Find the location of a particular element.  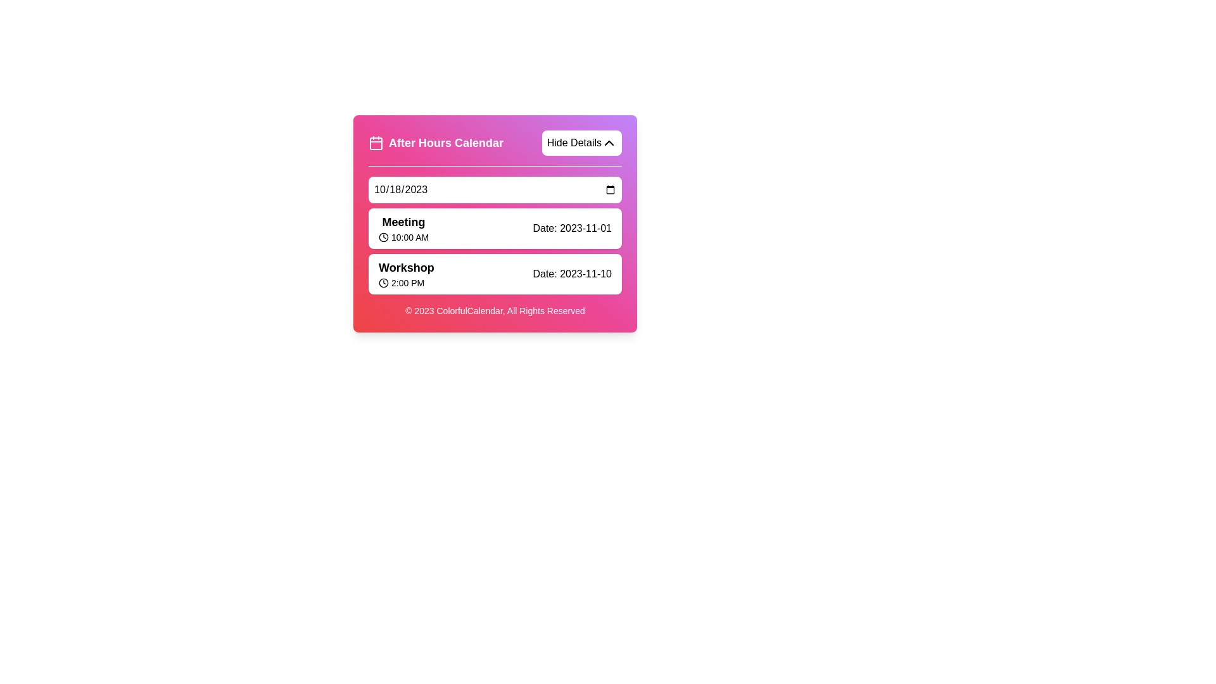

the bold, large-sized text labeled 'After Hours Calendar' which is styled in a gradient font of pink and purple tones, positioned at the top left of the calendar widget is located at coordinates (446, 142).